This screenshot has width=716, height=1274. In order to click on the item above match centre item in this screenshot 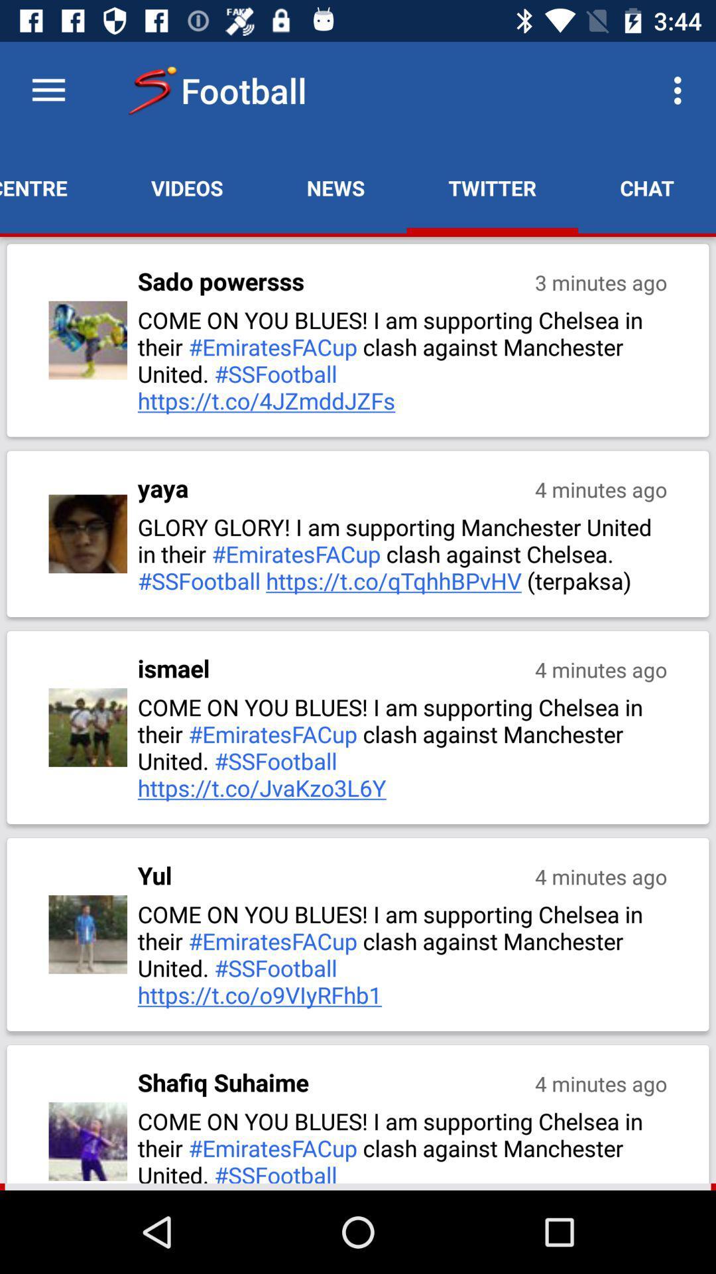, I will do `click(48, 90)`.